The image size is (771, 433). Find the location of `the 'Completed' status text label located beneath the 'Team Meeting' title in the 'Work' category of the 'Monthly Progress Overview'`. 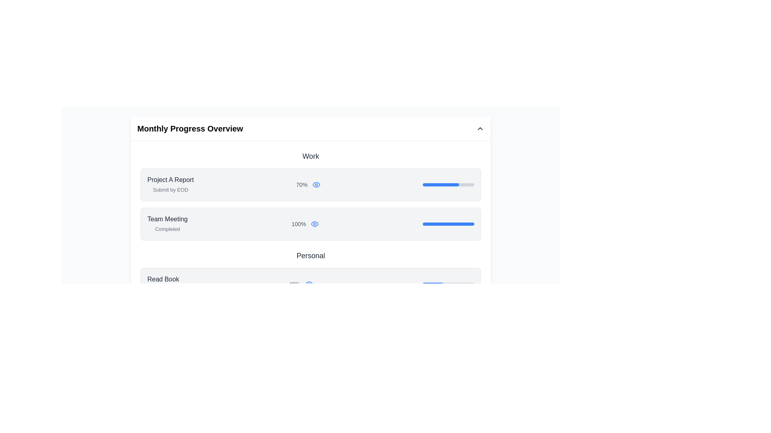

the 'Completed' status text label located beneath the 'Team Meeting' title in the 'Work' category of the 'Monthly Progress Overview' is located at coordinates (167, 229).